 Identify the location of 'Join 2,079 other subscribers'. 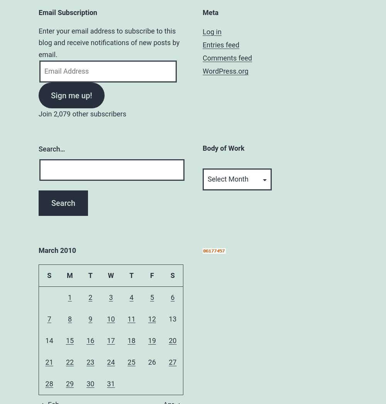
(82, 113).